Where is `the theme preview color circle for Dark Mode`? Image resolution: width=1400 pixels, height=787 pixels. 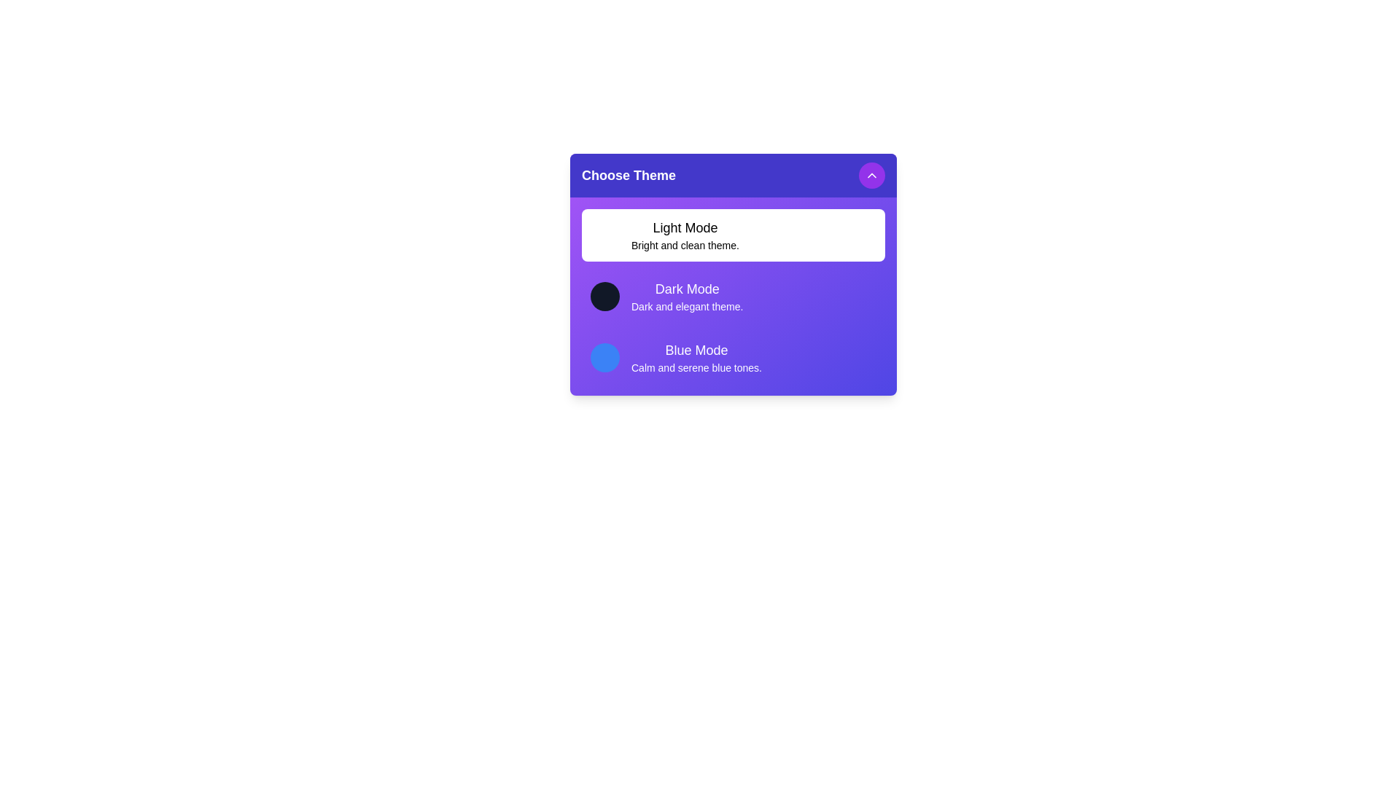 the theme preview color circle for Dark Mode is located at coordinates (605, 296).